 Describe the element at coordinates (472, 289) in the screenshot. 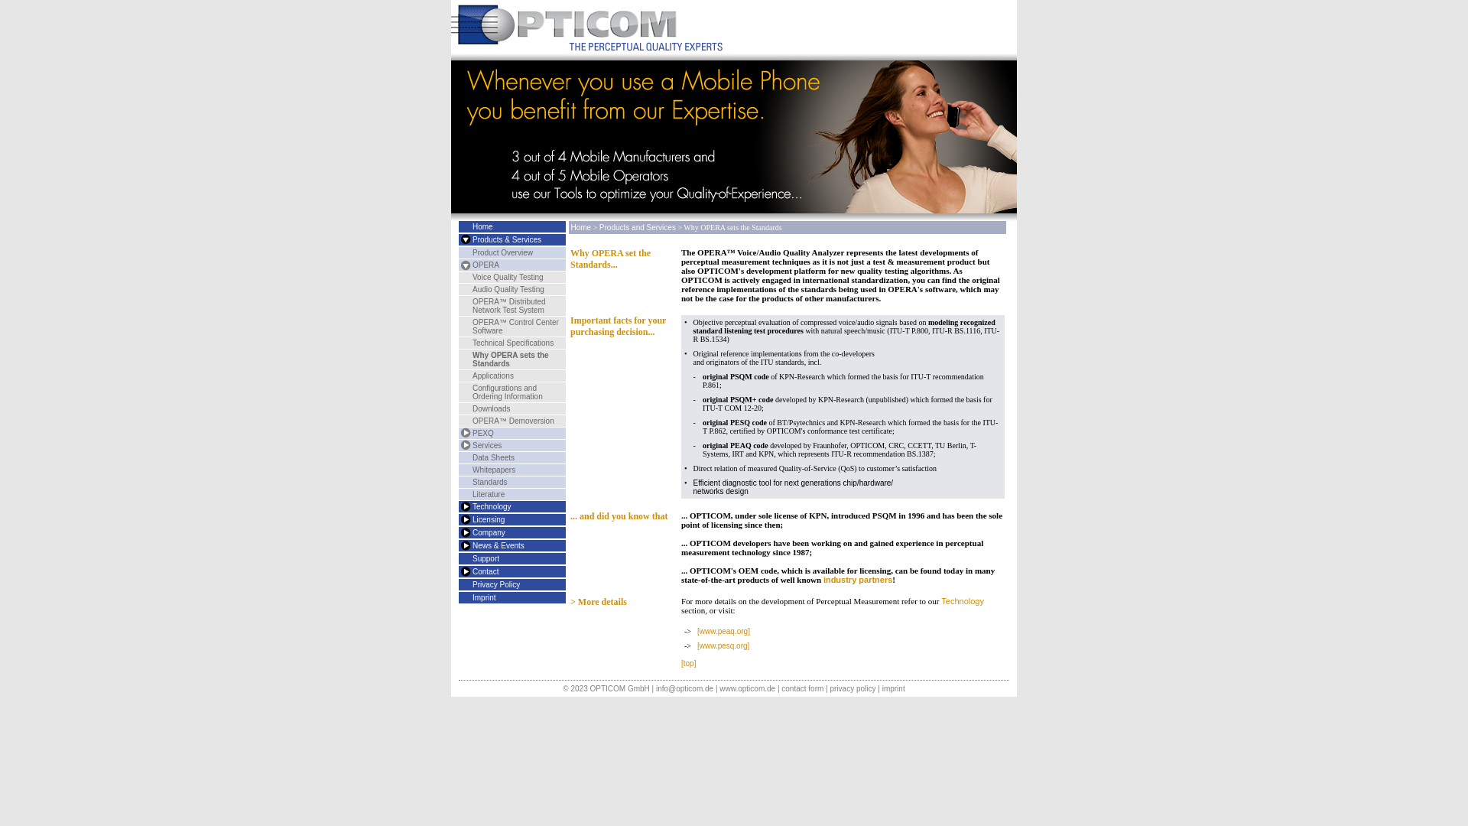

I see `'Audio Quality Testing'` at that location.